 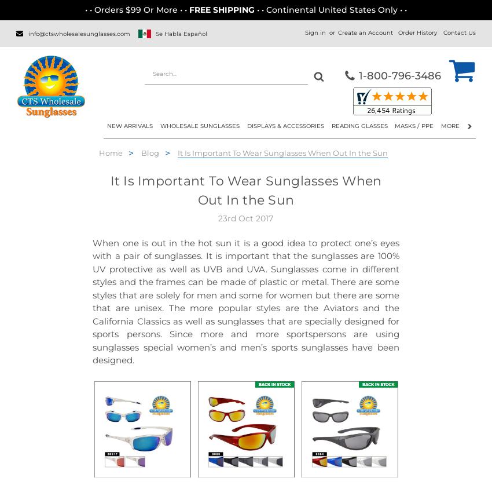 What do you see at coordinates (109, 151) in the screenshot?
I see `'Home'` at bounding box center [109, 151].